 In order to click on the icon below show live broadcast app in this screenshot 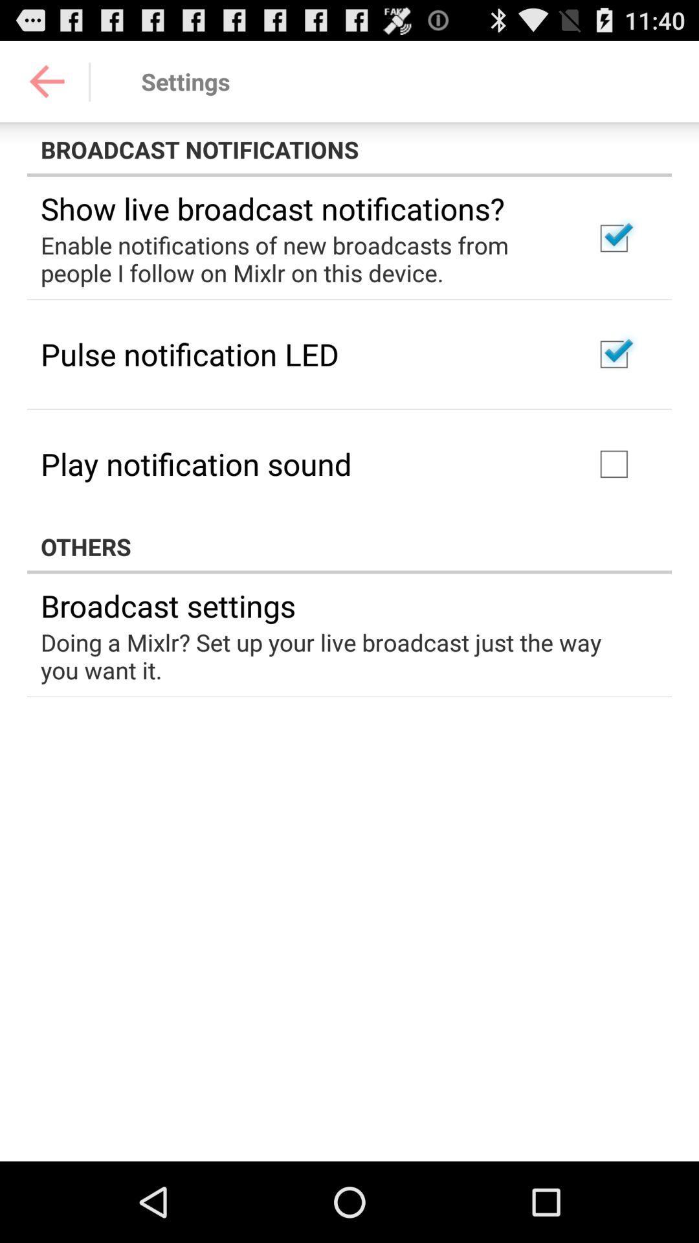, I will do `click(300, 259)`.